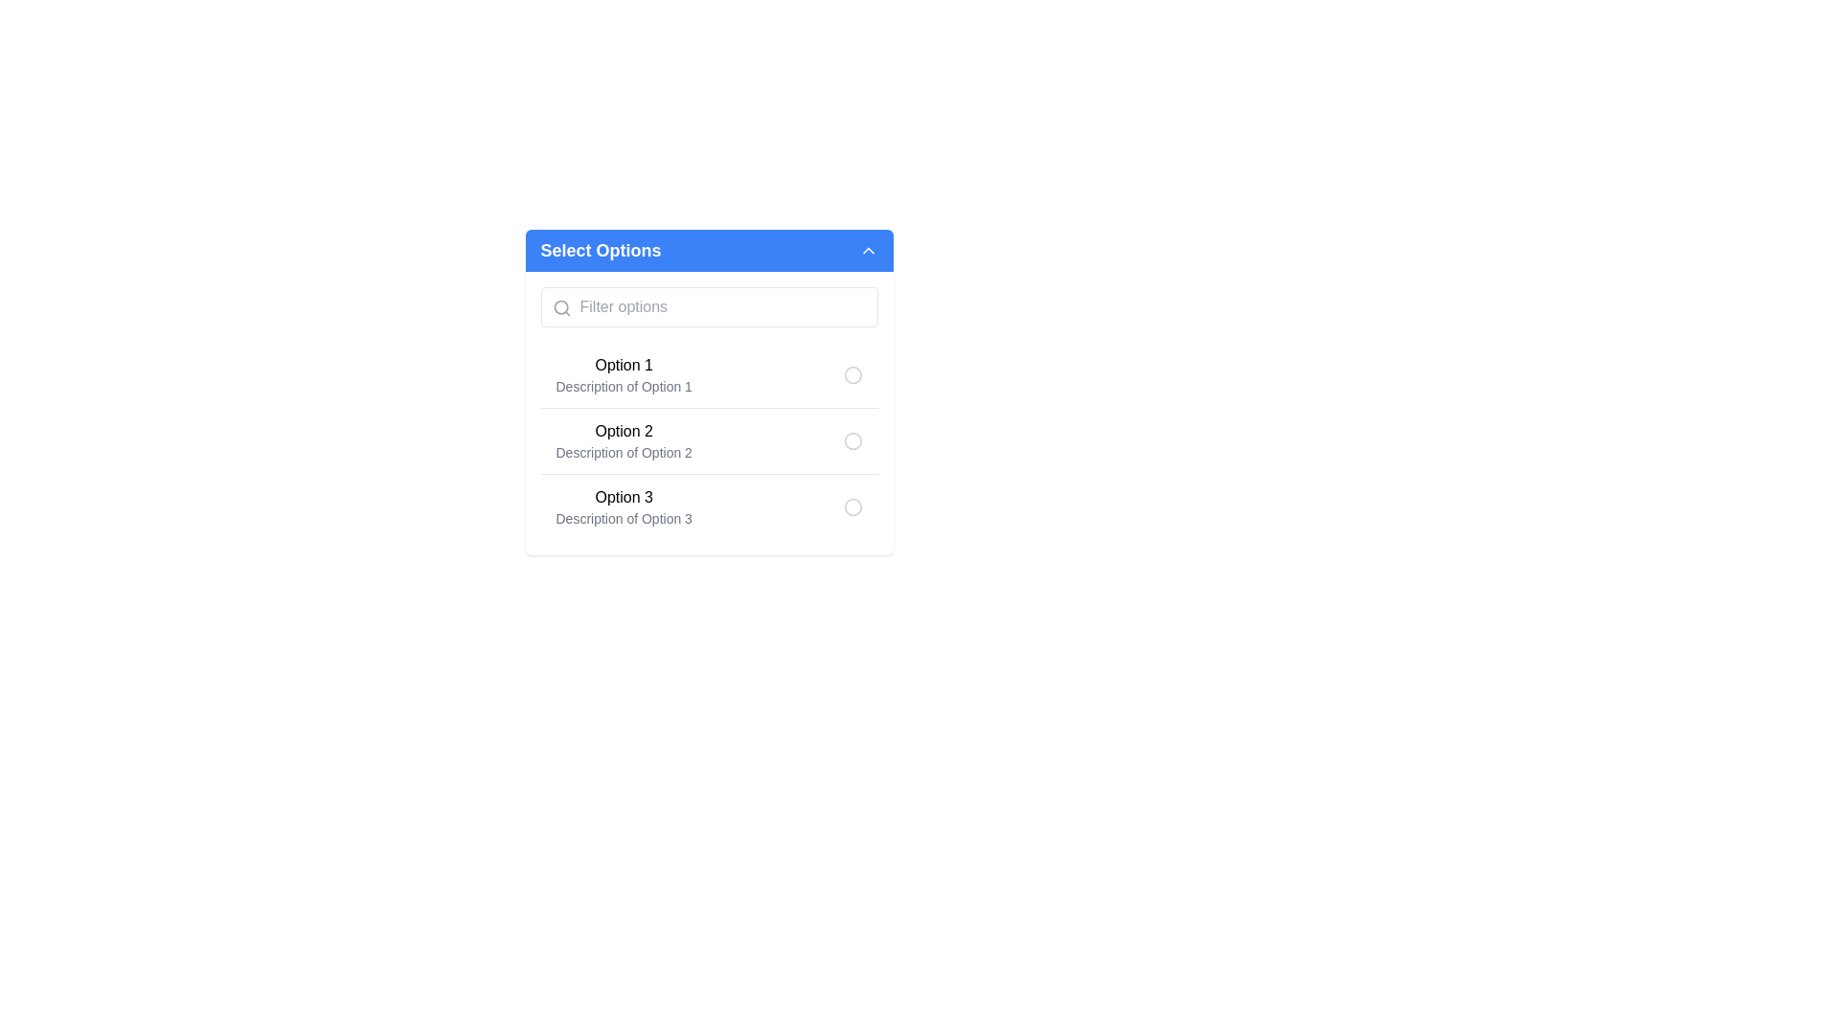  Describe the element at coordinates (624, 441) in the screenshot. I see `the second item in the dropdown menu titled 'Select Options'` at that location.